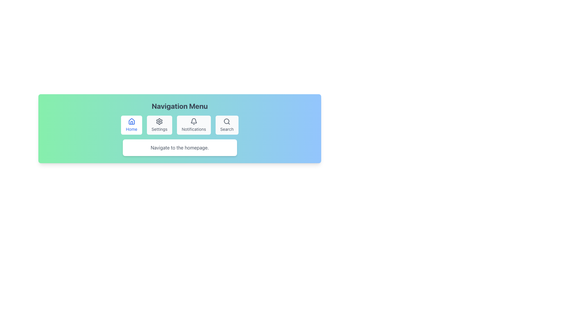 The height and width of the screenshot is (321, 571). What do you see at coordinates (194, 121) in the screenshot?
I see `the gray, bell-shaped icon located at the top center of the 'Notifications' button in the navigation menu` at bounding box center [194, 121].